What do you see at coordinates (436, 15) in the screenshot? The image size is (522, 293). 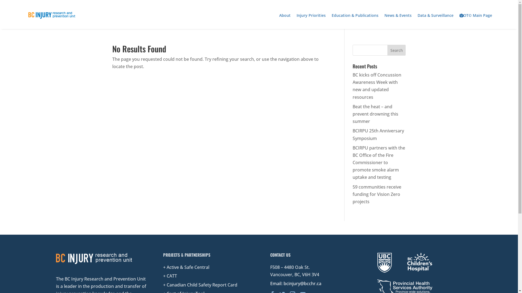 I see `'Data & Surveillance'` at bounding box center [436, 15].